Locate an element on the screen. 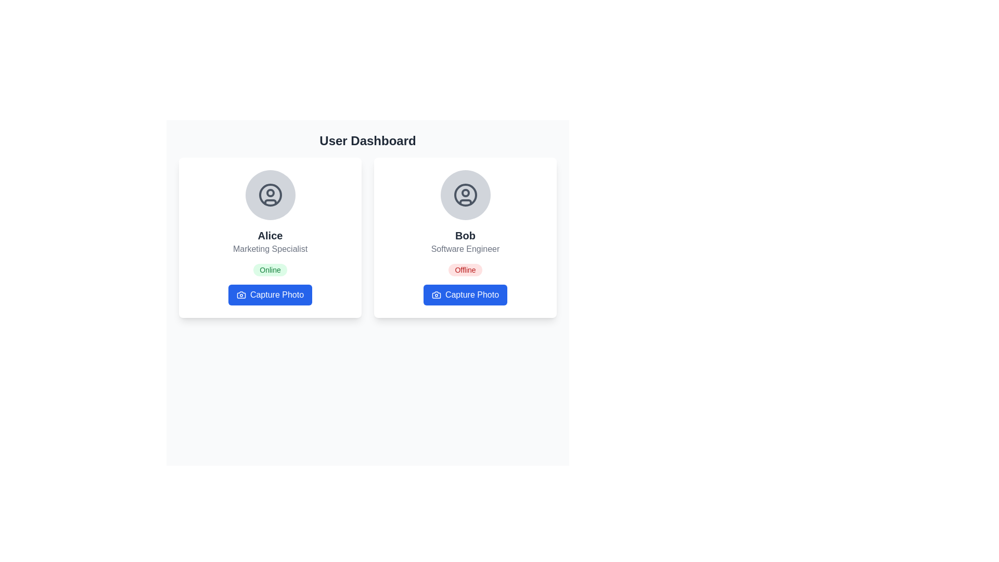 The height and width of the screenshot is (562, 999). the outer circular boundary of the user profile picture icon located within the profile card titled 'Bob' on the right side of the dashboard layout is located at coordinates (465, 195).